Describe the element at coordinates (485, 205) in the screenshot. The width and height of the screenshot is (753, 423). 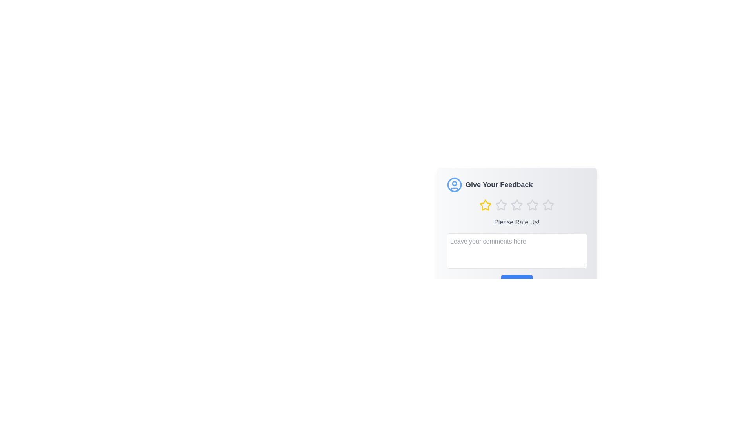
I see `the first star-shaped icon with a yellow outline in the feedback modal for visual feedback` at that location.